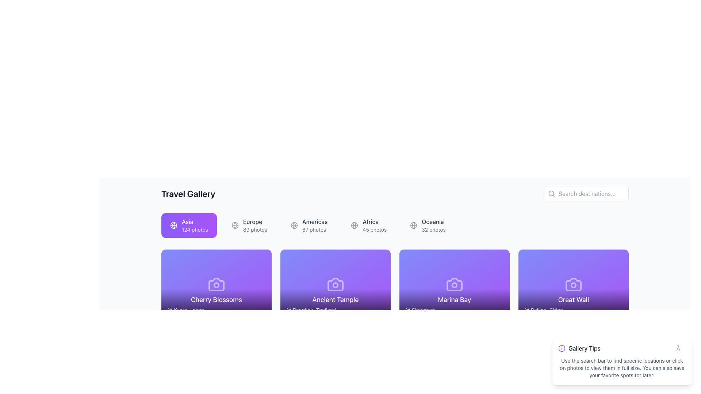  I want to click on the Informational text block that provides information about the name and location of a travel destination, positioned at the bottom of a card within a grid layout, so click(573, 304).